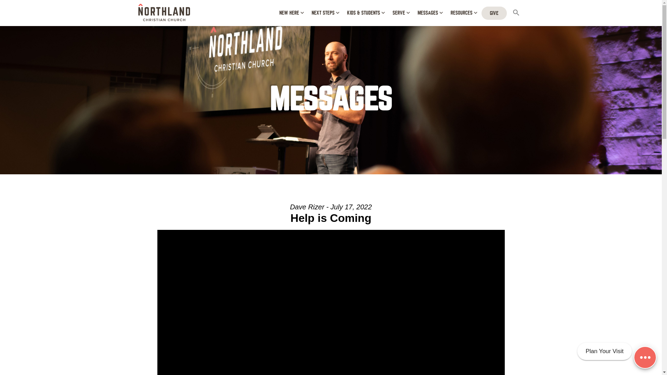 The width and height of the screenshot is (667, 375). Describe the element at coordinates (429, 13) in the screenshot. I see `'MESSAGES'` at that location.